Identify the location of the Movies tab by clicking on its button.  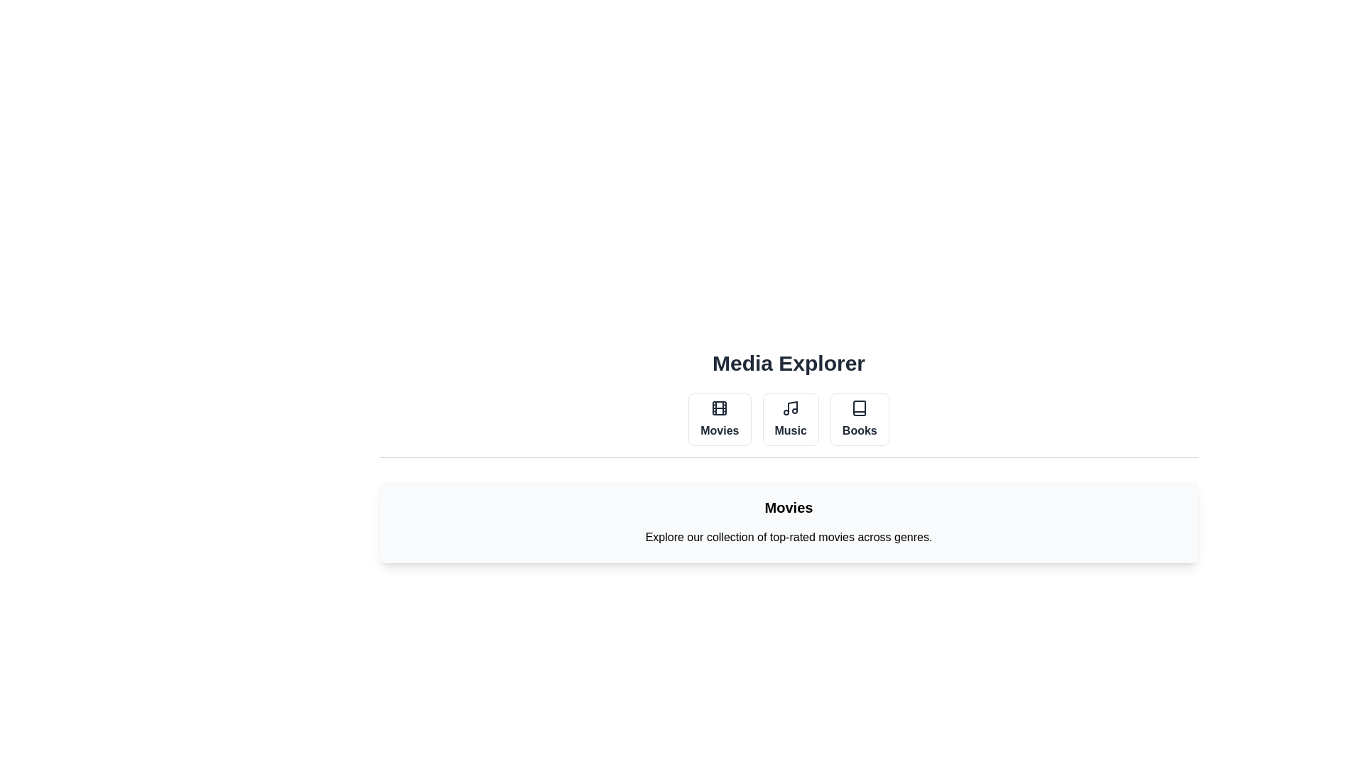
(720, 418).